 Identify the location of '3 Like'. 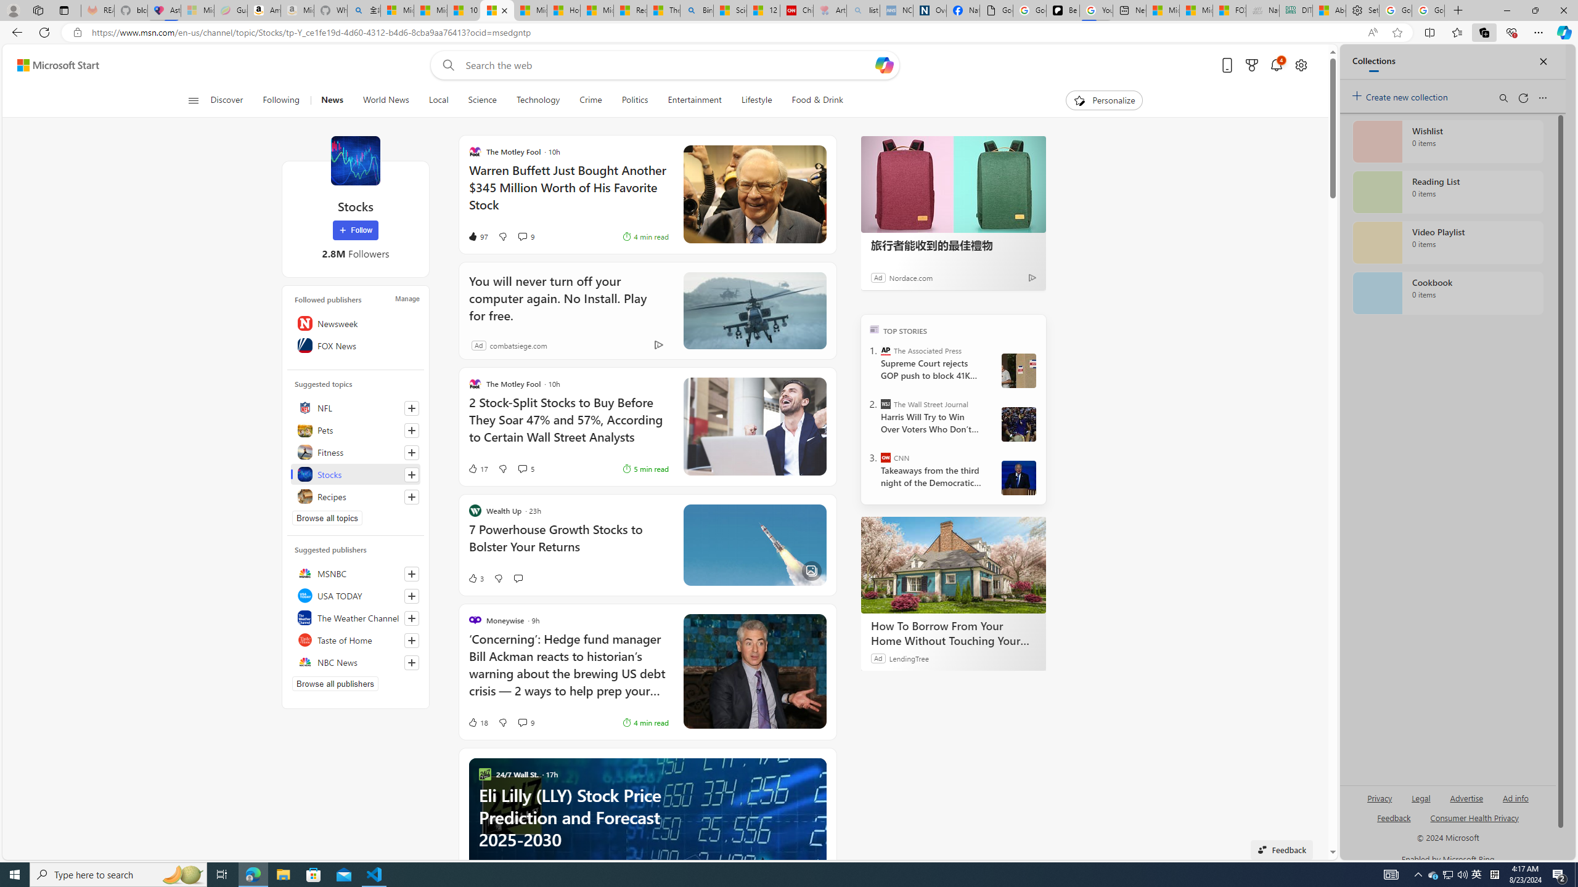
(475, 578).